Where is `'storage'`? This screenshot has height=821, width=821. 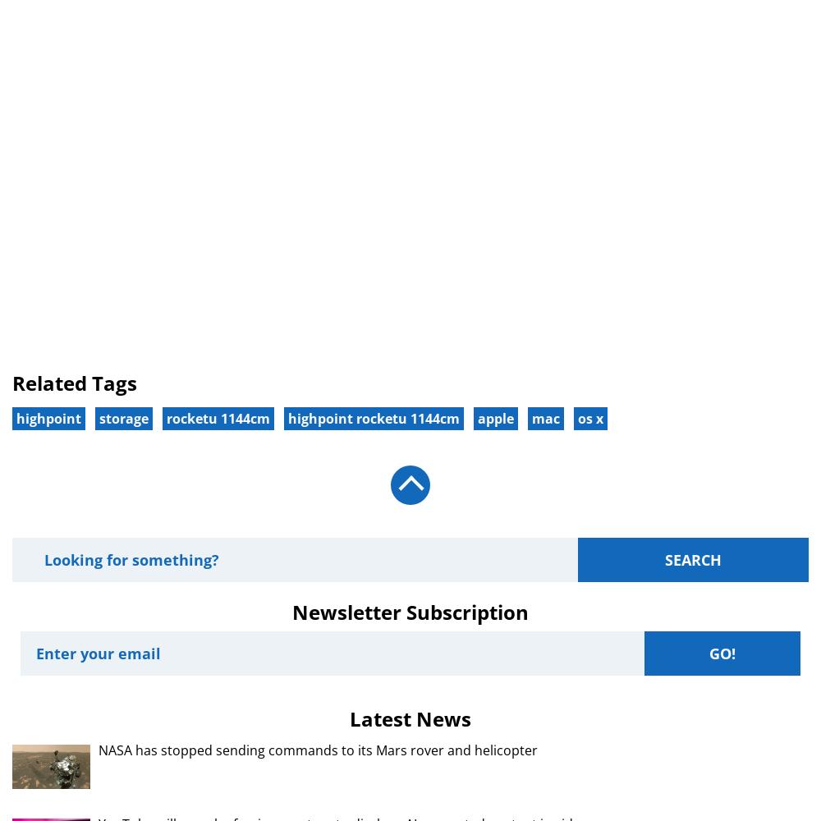
'storage' is located at coordinates (124, 418).